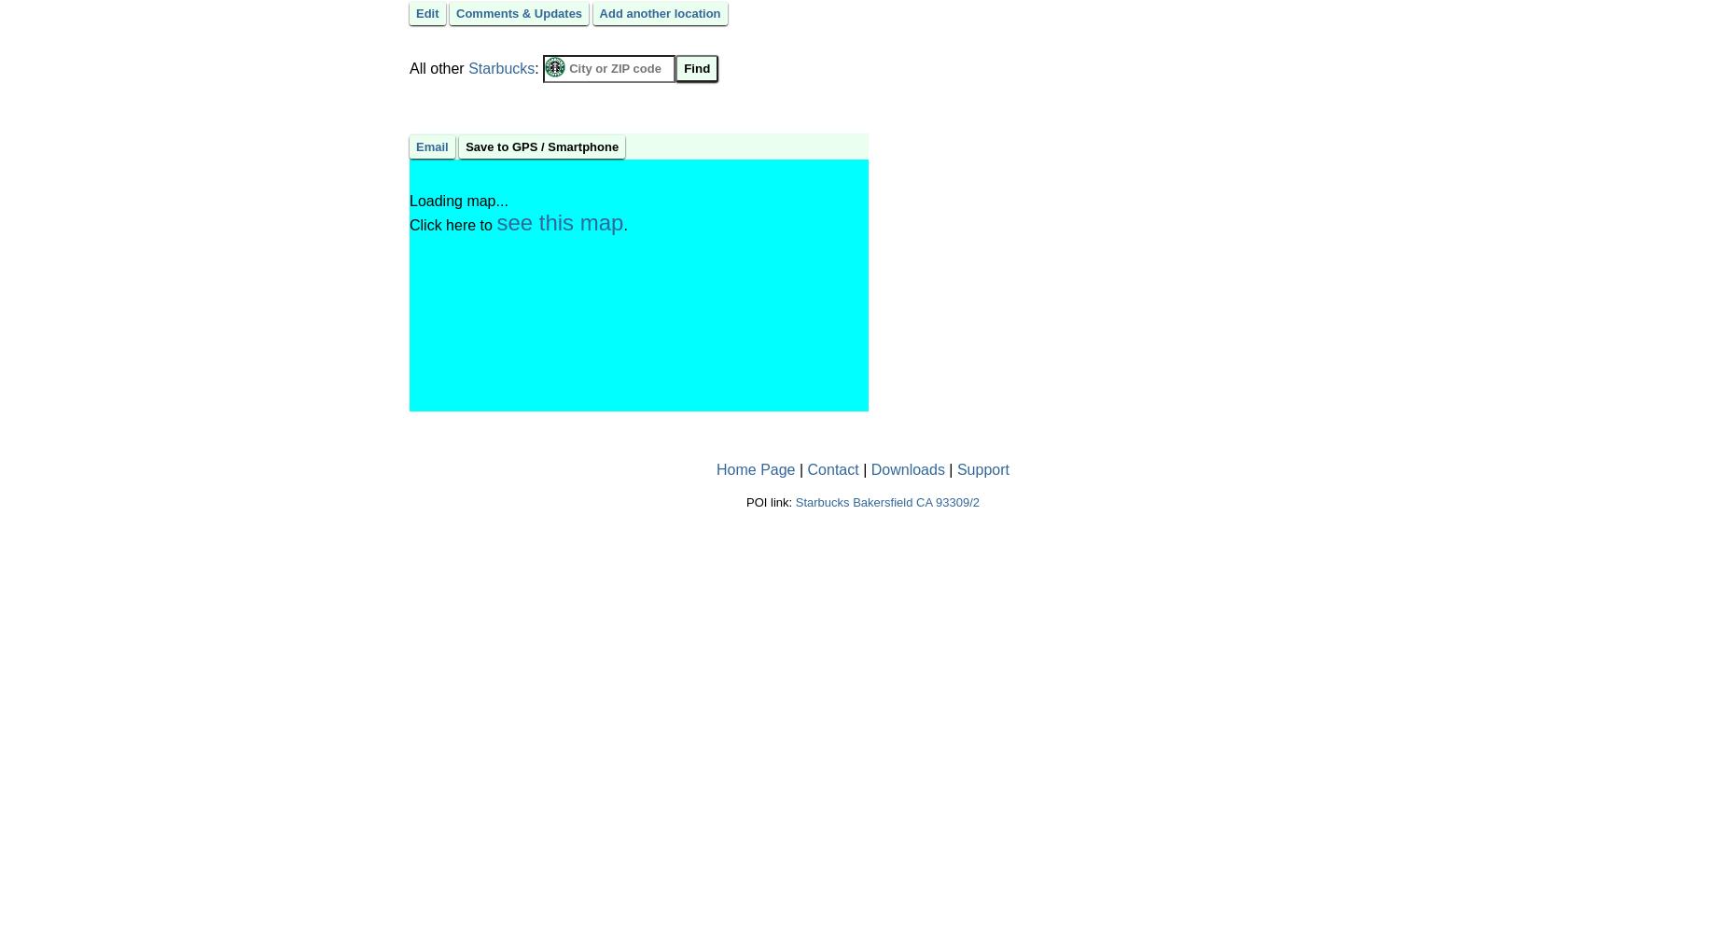 This screenshot has width=1726, height=933. What do you see at coordinates (755, 468) in the screenshot?
I see `'Home Page'` at bounding box center [755, 468].